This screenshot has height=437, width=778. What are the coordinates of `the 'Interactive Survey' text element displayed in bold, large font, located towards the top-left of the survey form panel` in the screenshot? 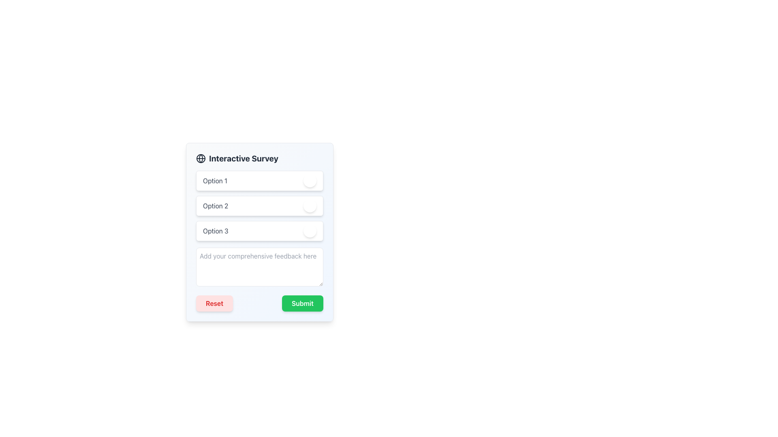 It's located at (243, 159).